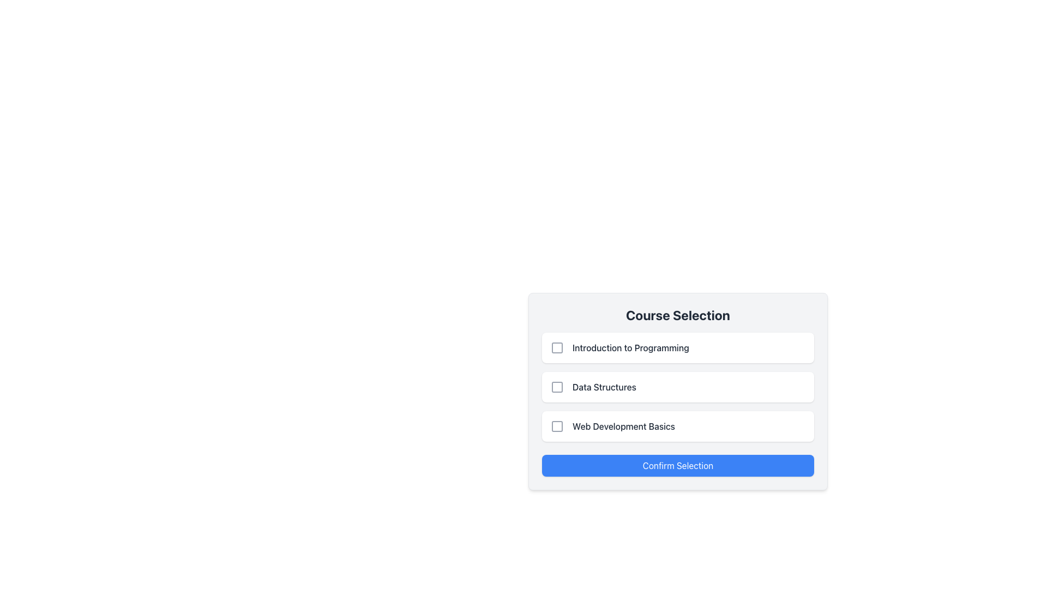 The image size is (1047, 589). Describe the element at coordinates (557, 347) in the screenshot. I see `the Checkbox indicator located to the left of the 'Introduction to Programming' row label, which visually indicates the selection state of an item in the list` at that location.